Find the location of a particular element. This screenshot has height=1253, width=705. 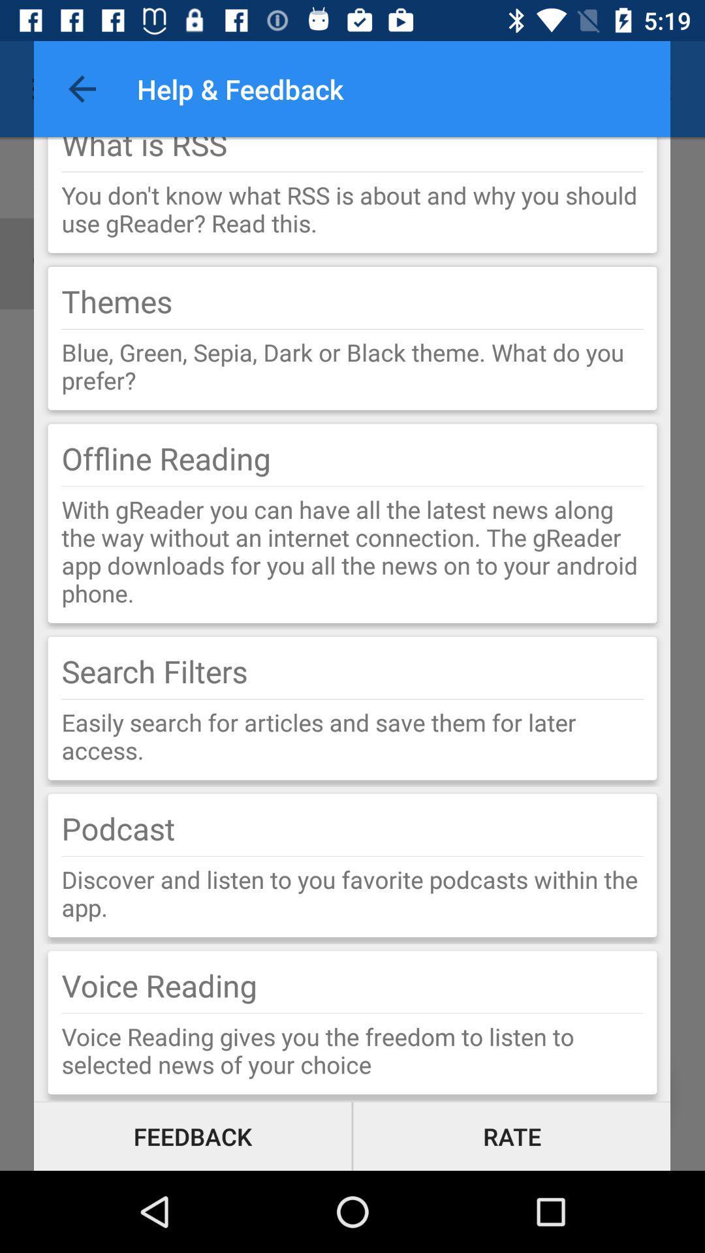

the item to the left of help & feedback is located at coordinates (82, 88).